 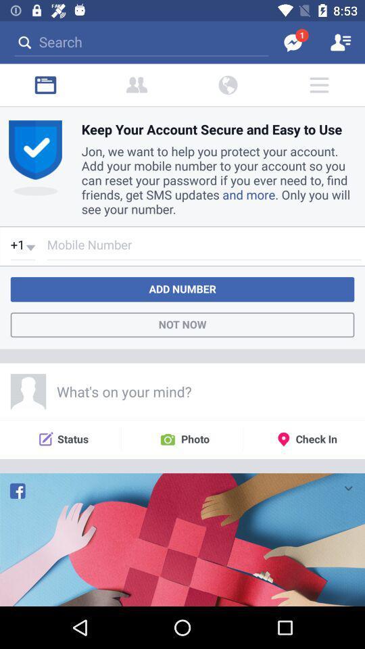 What do you see at coordinates (22, 247) in the screenshot?
I see `the beside mobile number drop down button` at bounding box center [22, 247].